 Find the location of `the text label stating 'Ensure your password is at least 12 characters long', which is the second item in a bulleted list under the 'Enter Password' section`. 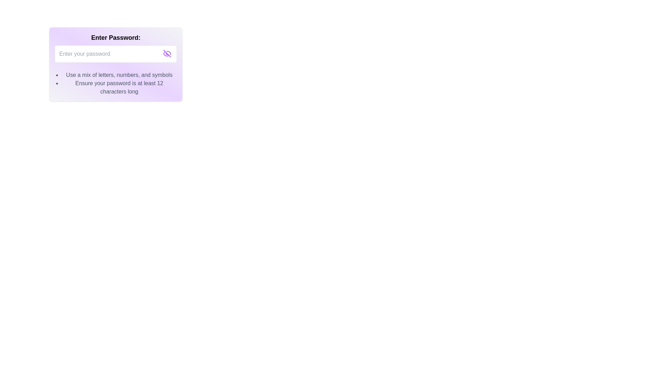

the text label stating 'Ensure your password is at least 12 characters long', which is the second item in a bulleted list under the 'Enter Password' section is located at coordinates (119, 87).